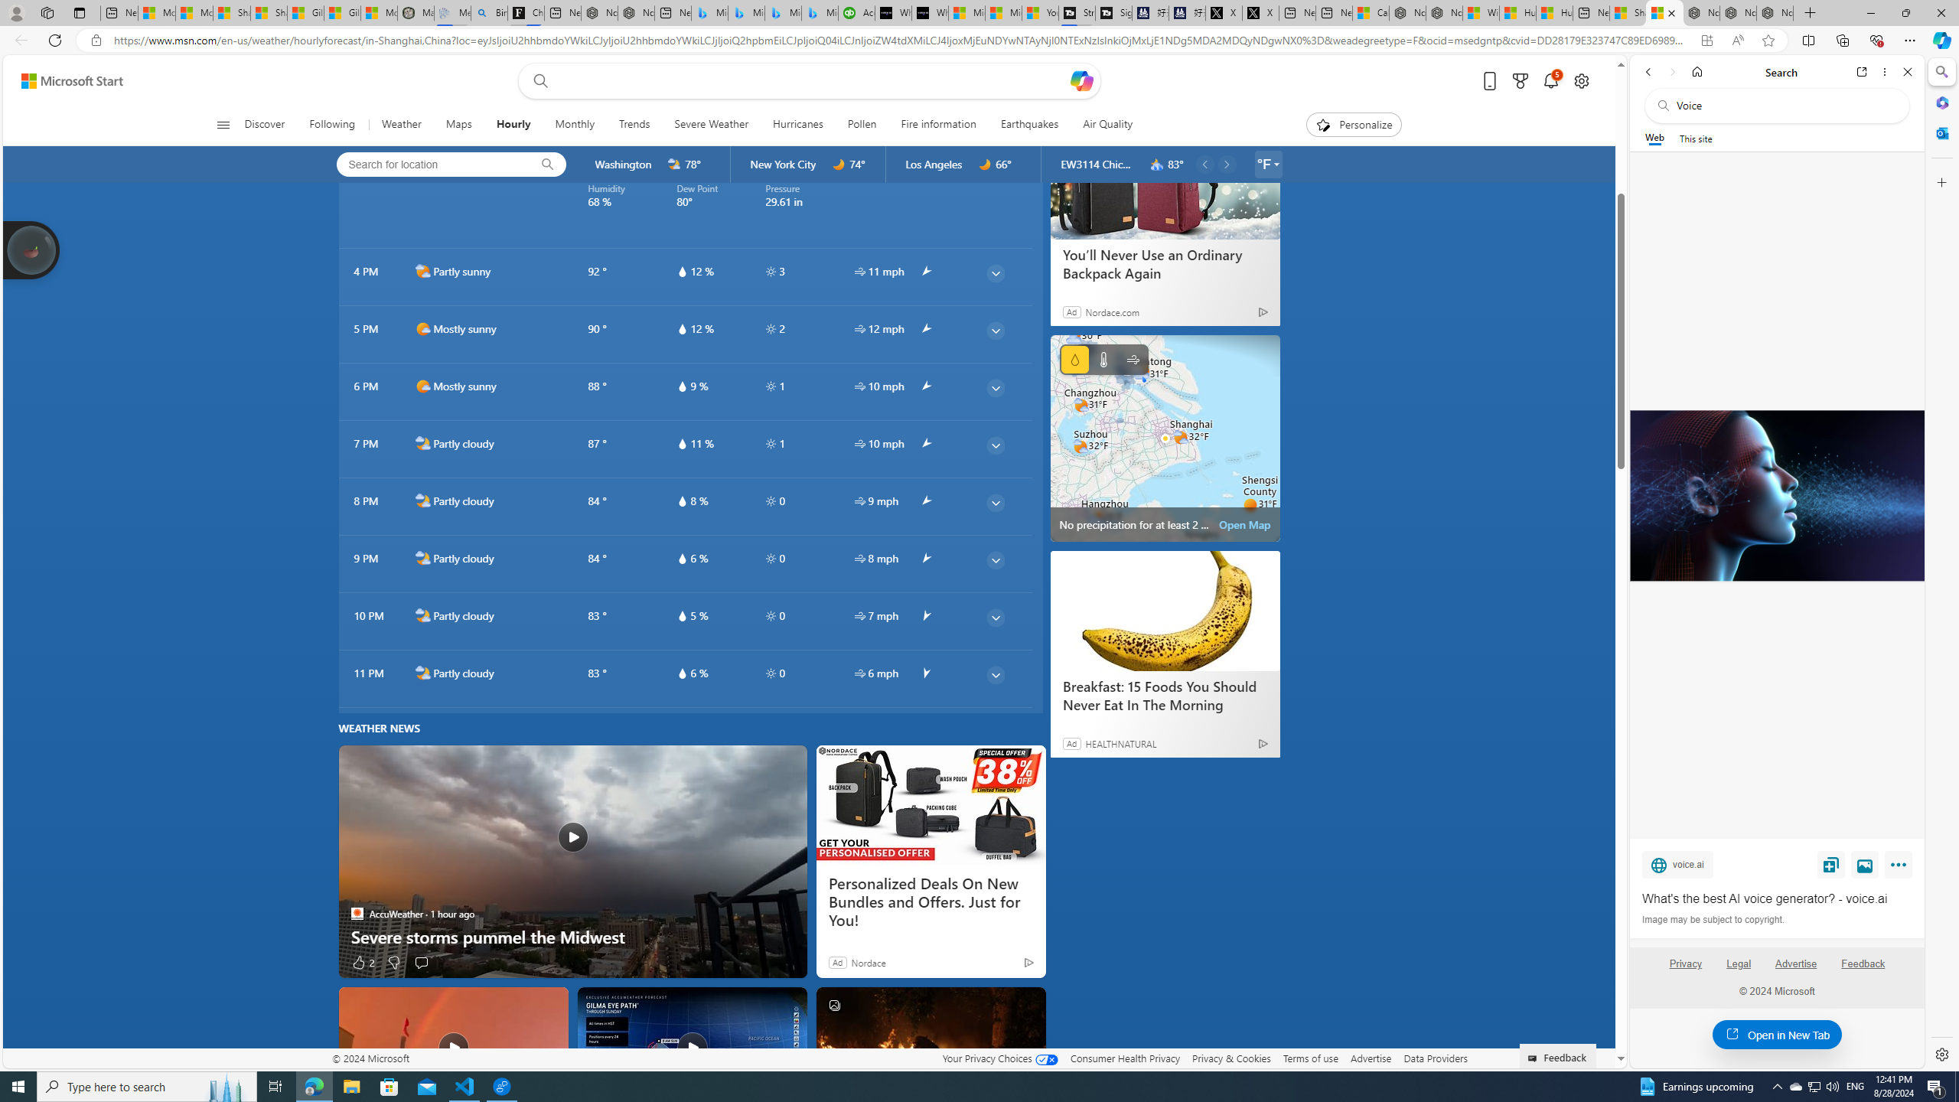 Image resolution: width=1959 pixels, height=1102 pixels. I want to click on 'Bing Real Estate - Home sales and rental listings', so click(487, 12).